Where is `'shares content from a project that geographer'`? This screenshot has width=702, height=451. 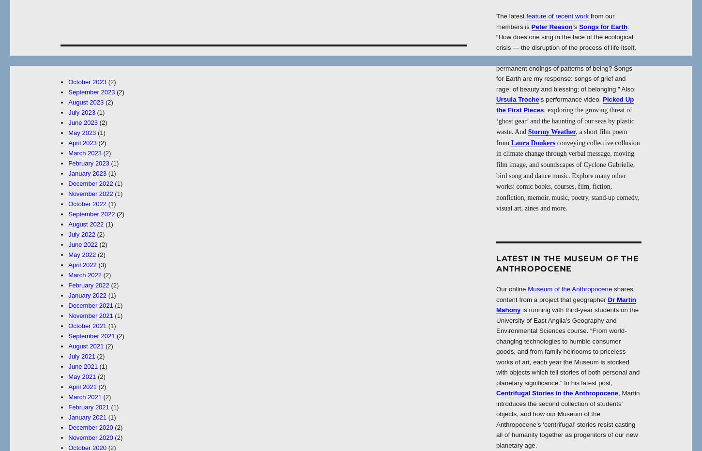
'shares content from a project that geographer' is located at coordinates (564, 294).